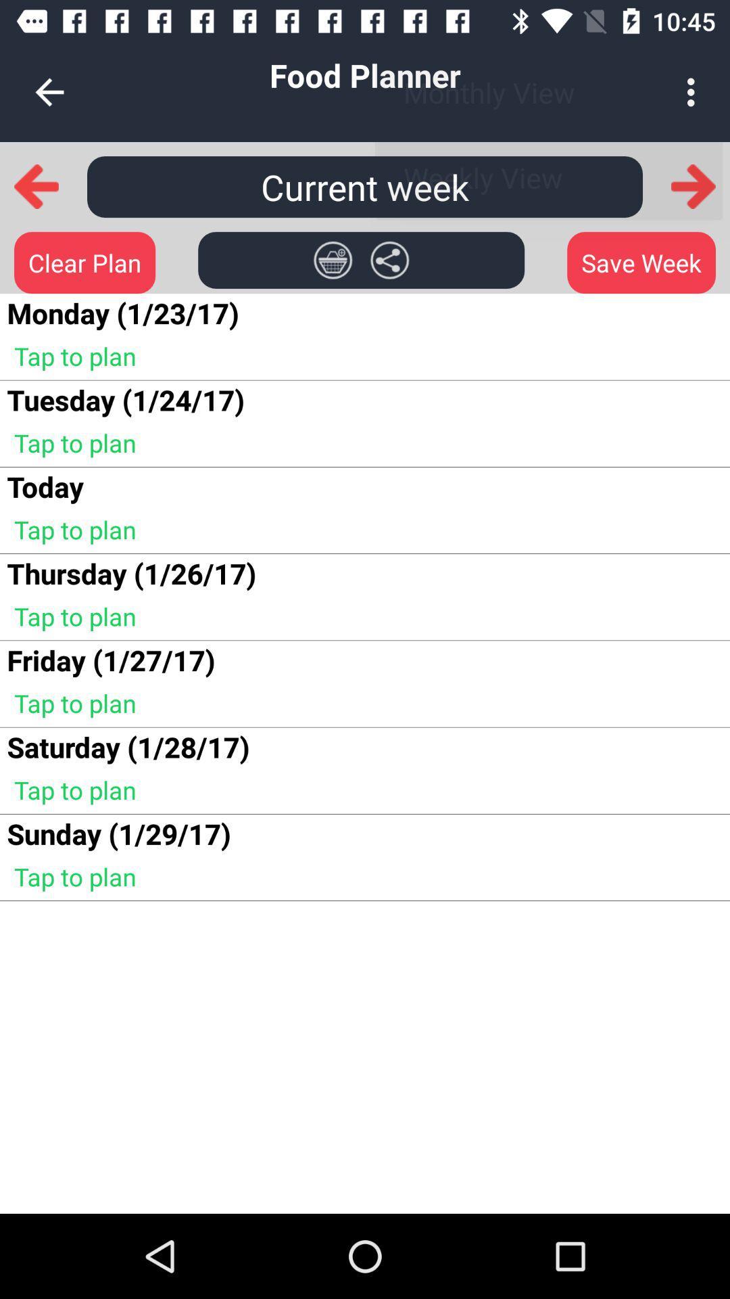 Image resolution: width=730 pixels, height=1299 pixels. Describe the element at coordinates (49, 91) in the screenshot. I see `icon to the left of food planner icon` at that location.